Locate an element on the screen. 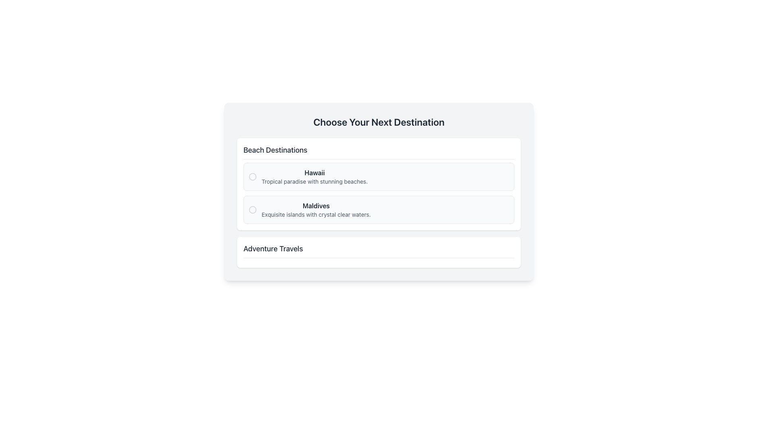 This screenshot has height=435, width=774. the radio button indicator is located at coordinates (252, 176).